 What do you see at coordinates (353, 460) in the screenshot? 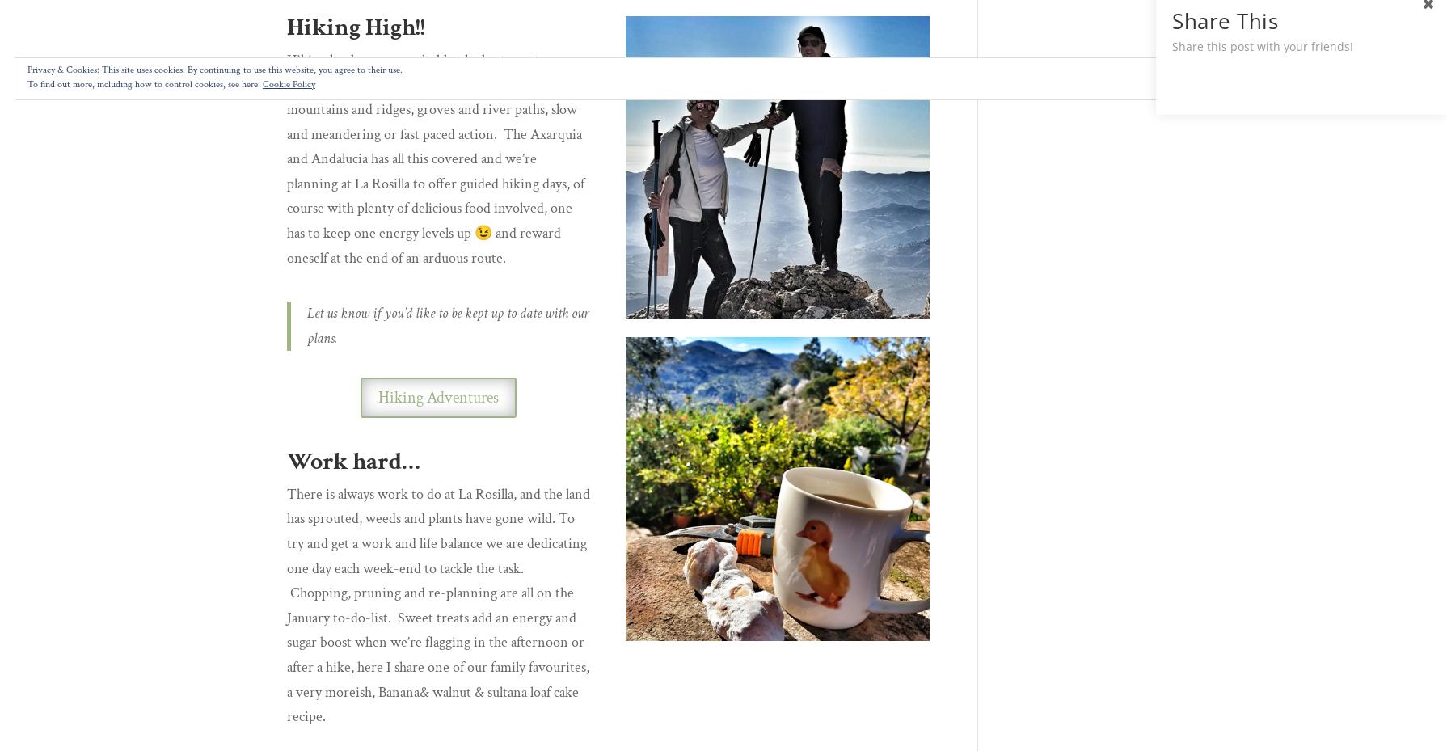
I see `'Work hard…'` at bounding box center [353, 460].